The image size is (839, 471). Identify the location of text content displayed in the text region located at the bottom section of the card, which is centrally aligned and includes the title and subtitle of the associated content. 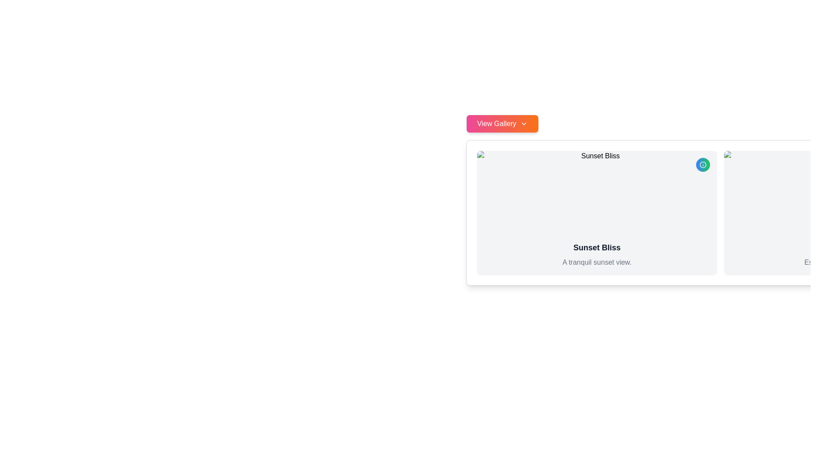
(596, 254).